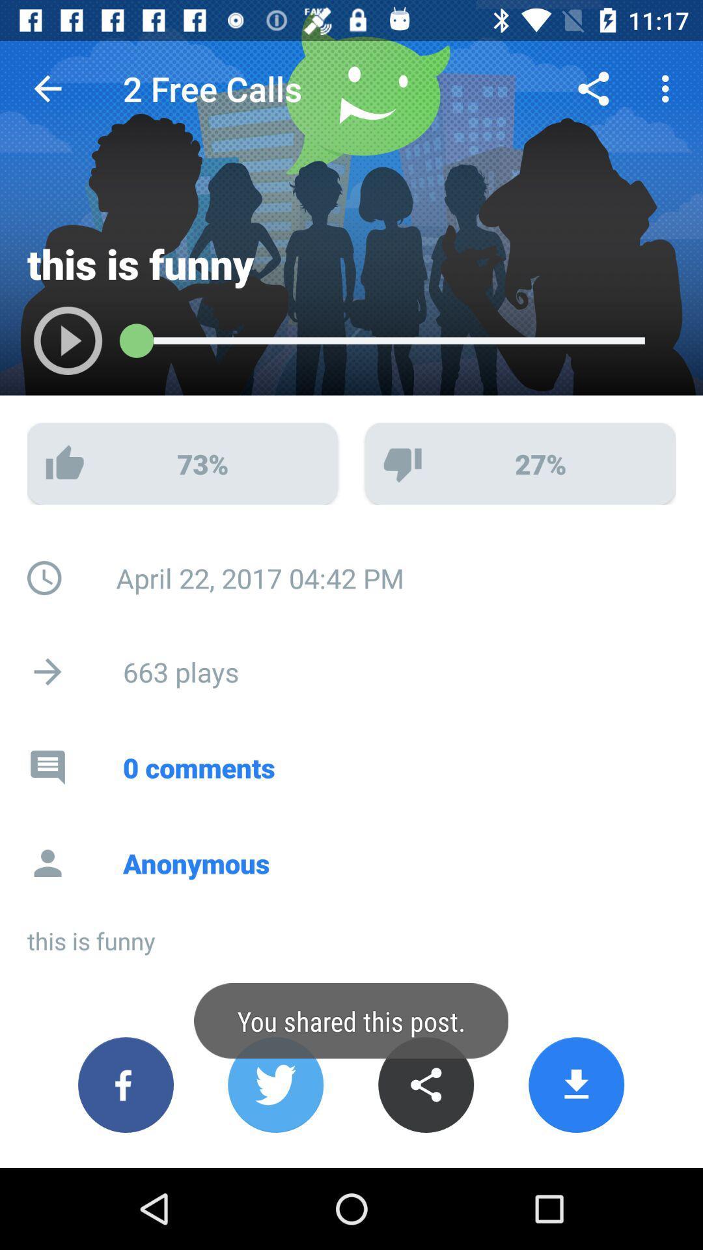  What do you see at coordinates (275, 1085) in the screenshot?
I see `twitter page` at bounding box center [275, 1085].